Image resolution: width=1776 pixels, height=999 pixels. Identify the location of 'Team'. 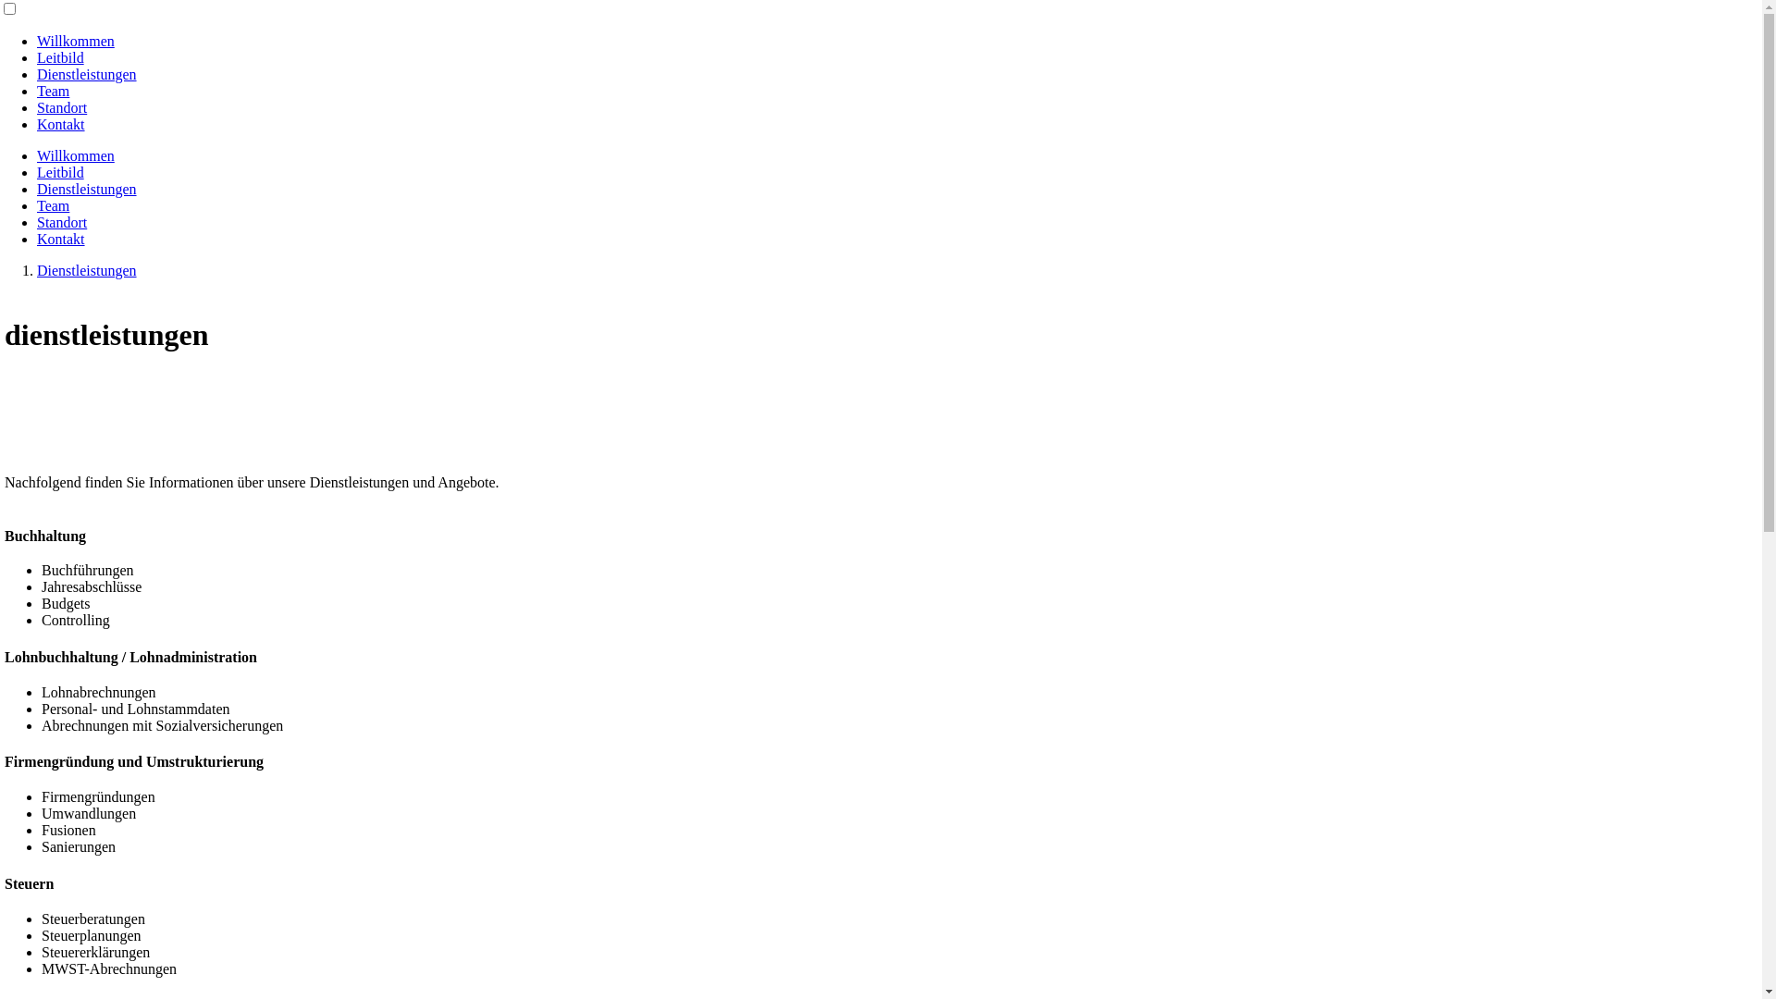
(53, 205).